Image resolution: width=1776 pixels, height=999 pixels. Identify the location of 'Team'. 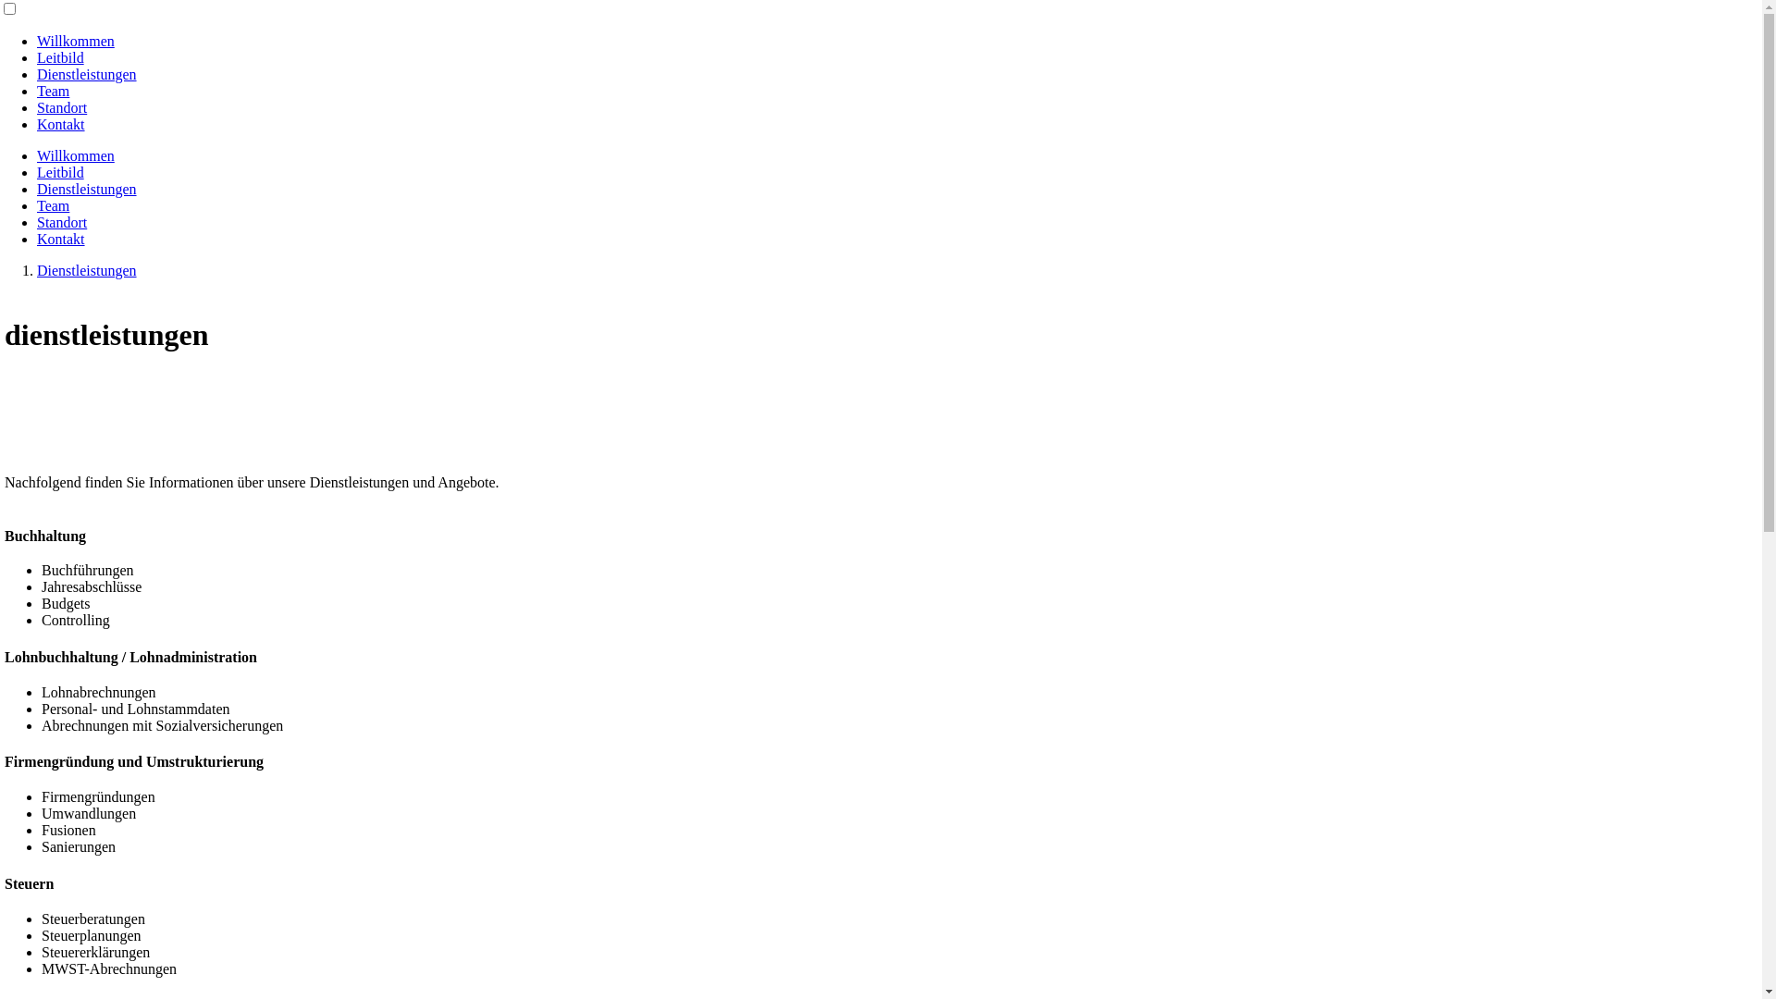
(53, 205).